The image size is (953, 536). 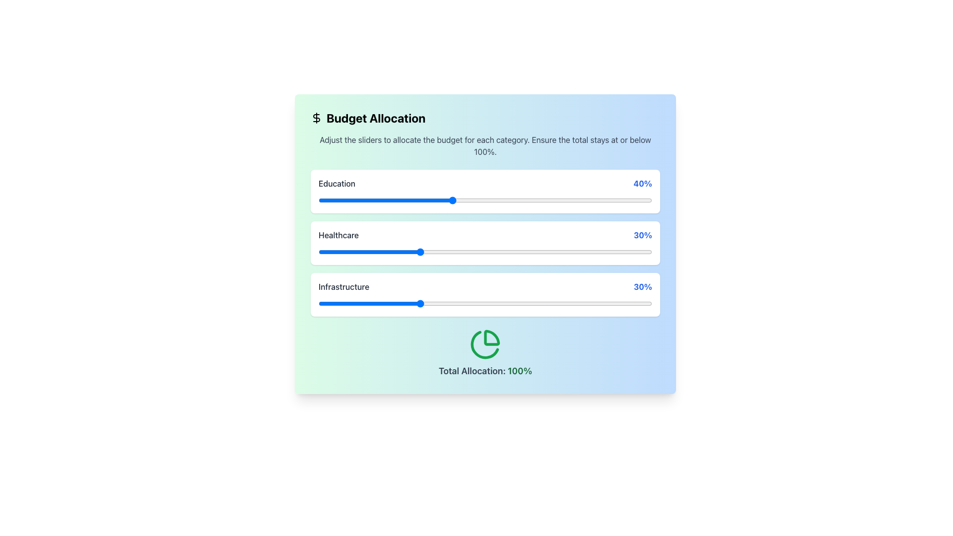 What do you see at coordinates (621, 303) in the screenshot?
I see `the infrastructure budget slider` at bounding box center [621, 303].